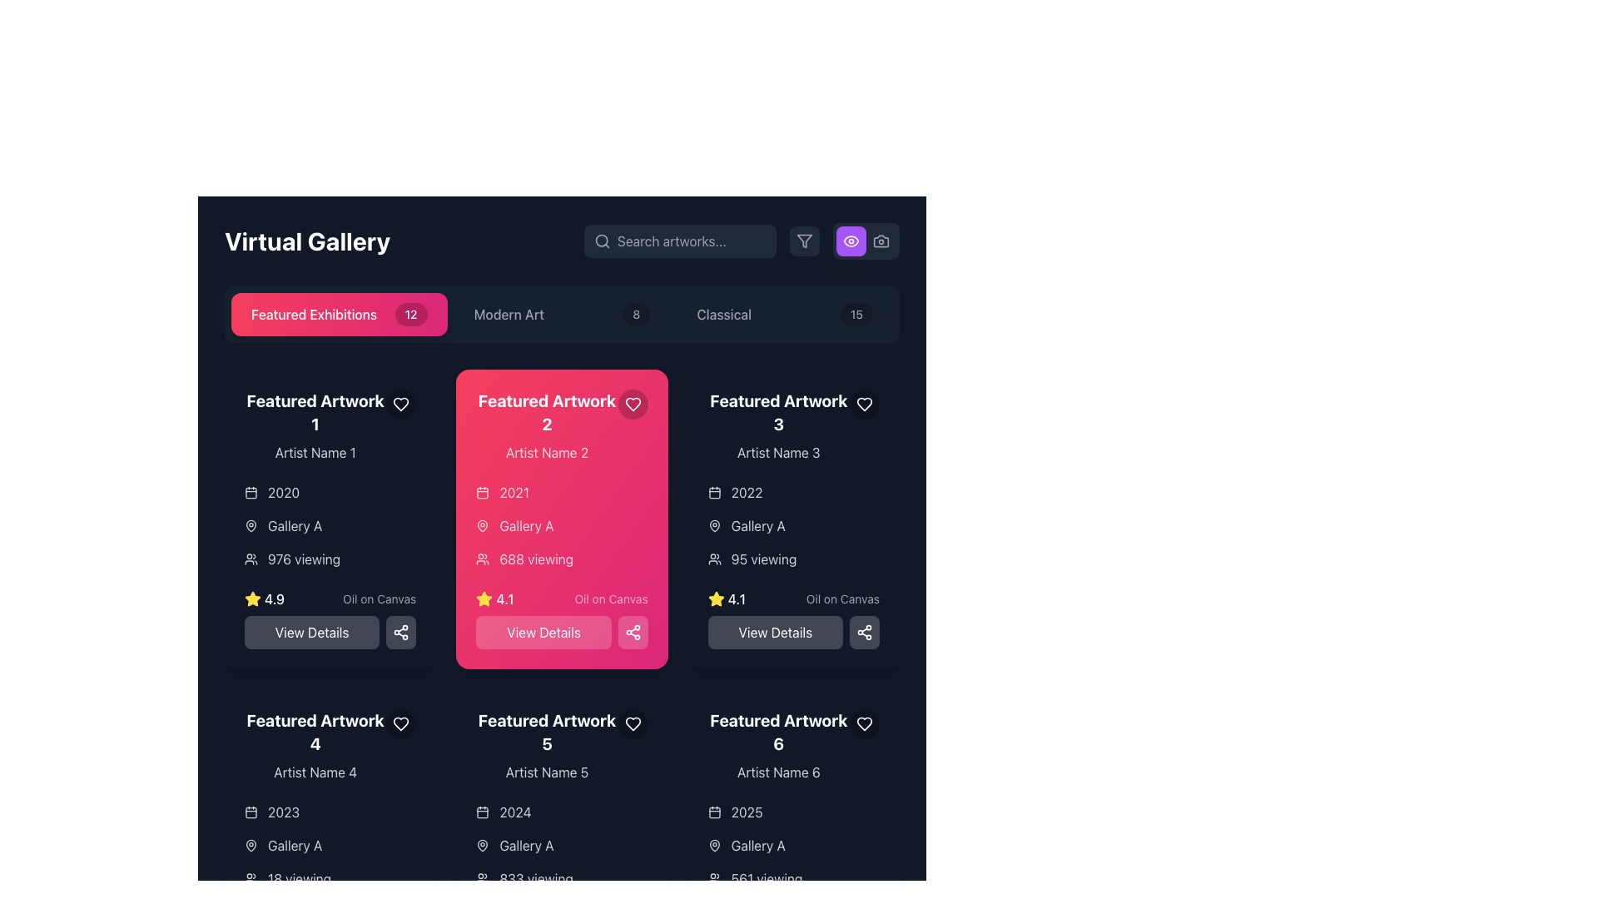 The height and width of the screenshot is (899, 1598). I want to click on the filter icon button, which is a light gray funnel shape located in the top-right corner of the interface, adjacent to a camera icon and a search bar, so click(804, 241).